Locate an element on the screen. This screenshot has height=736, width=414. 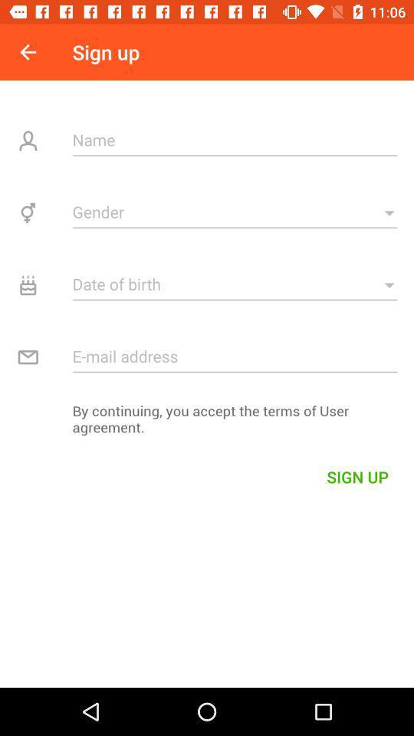
the item to the left of the sign up is located at coordinates (28, 52).